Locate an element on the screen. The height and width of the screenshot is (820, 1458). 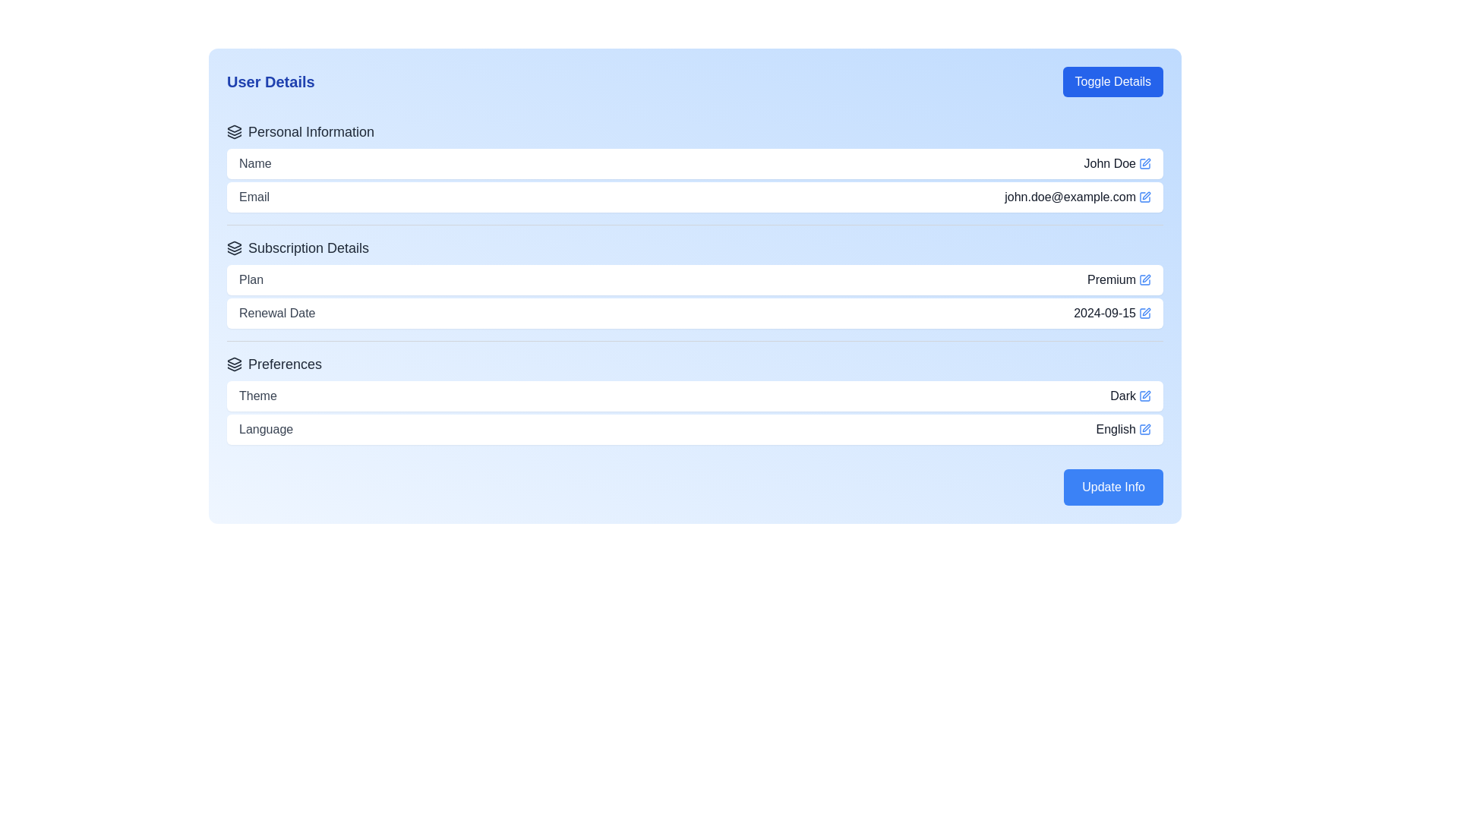
the Pen Icon located to the right of the 'Dark' text in the 'Preferences' section to initiate the edit action is located at coordinates (1144, 395).